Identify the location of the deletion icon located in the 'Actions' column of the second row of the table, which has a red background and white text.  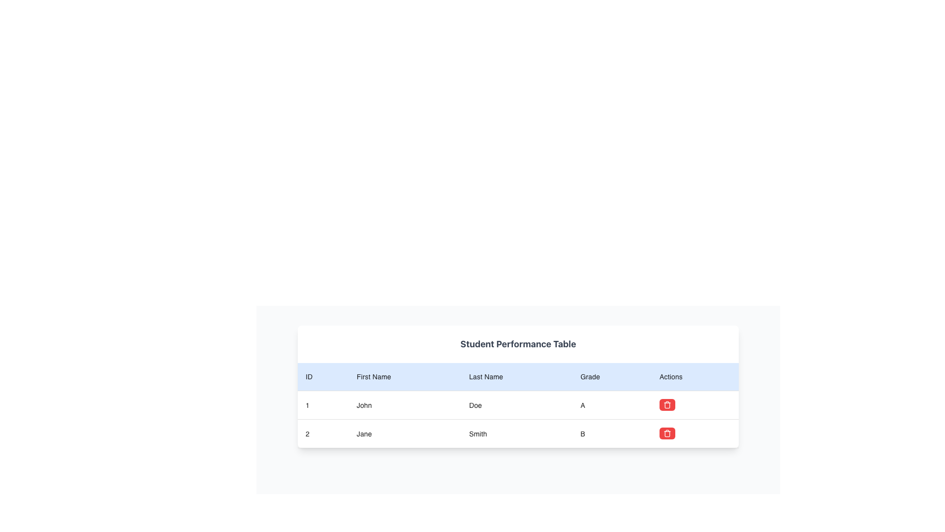
(667, 404).